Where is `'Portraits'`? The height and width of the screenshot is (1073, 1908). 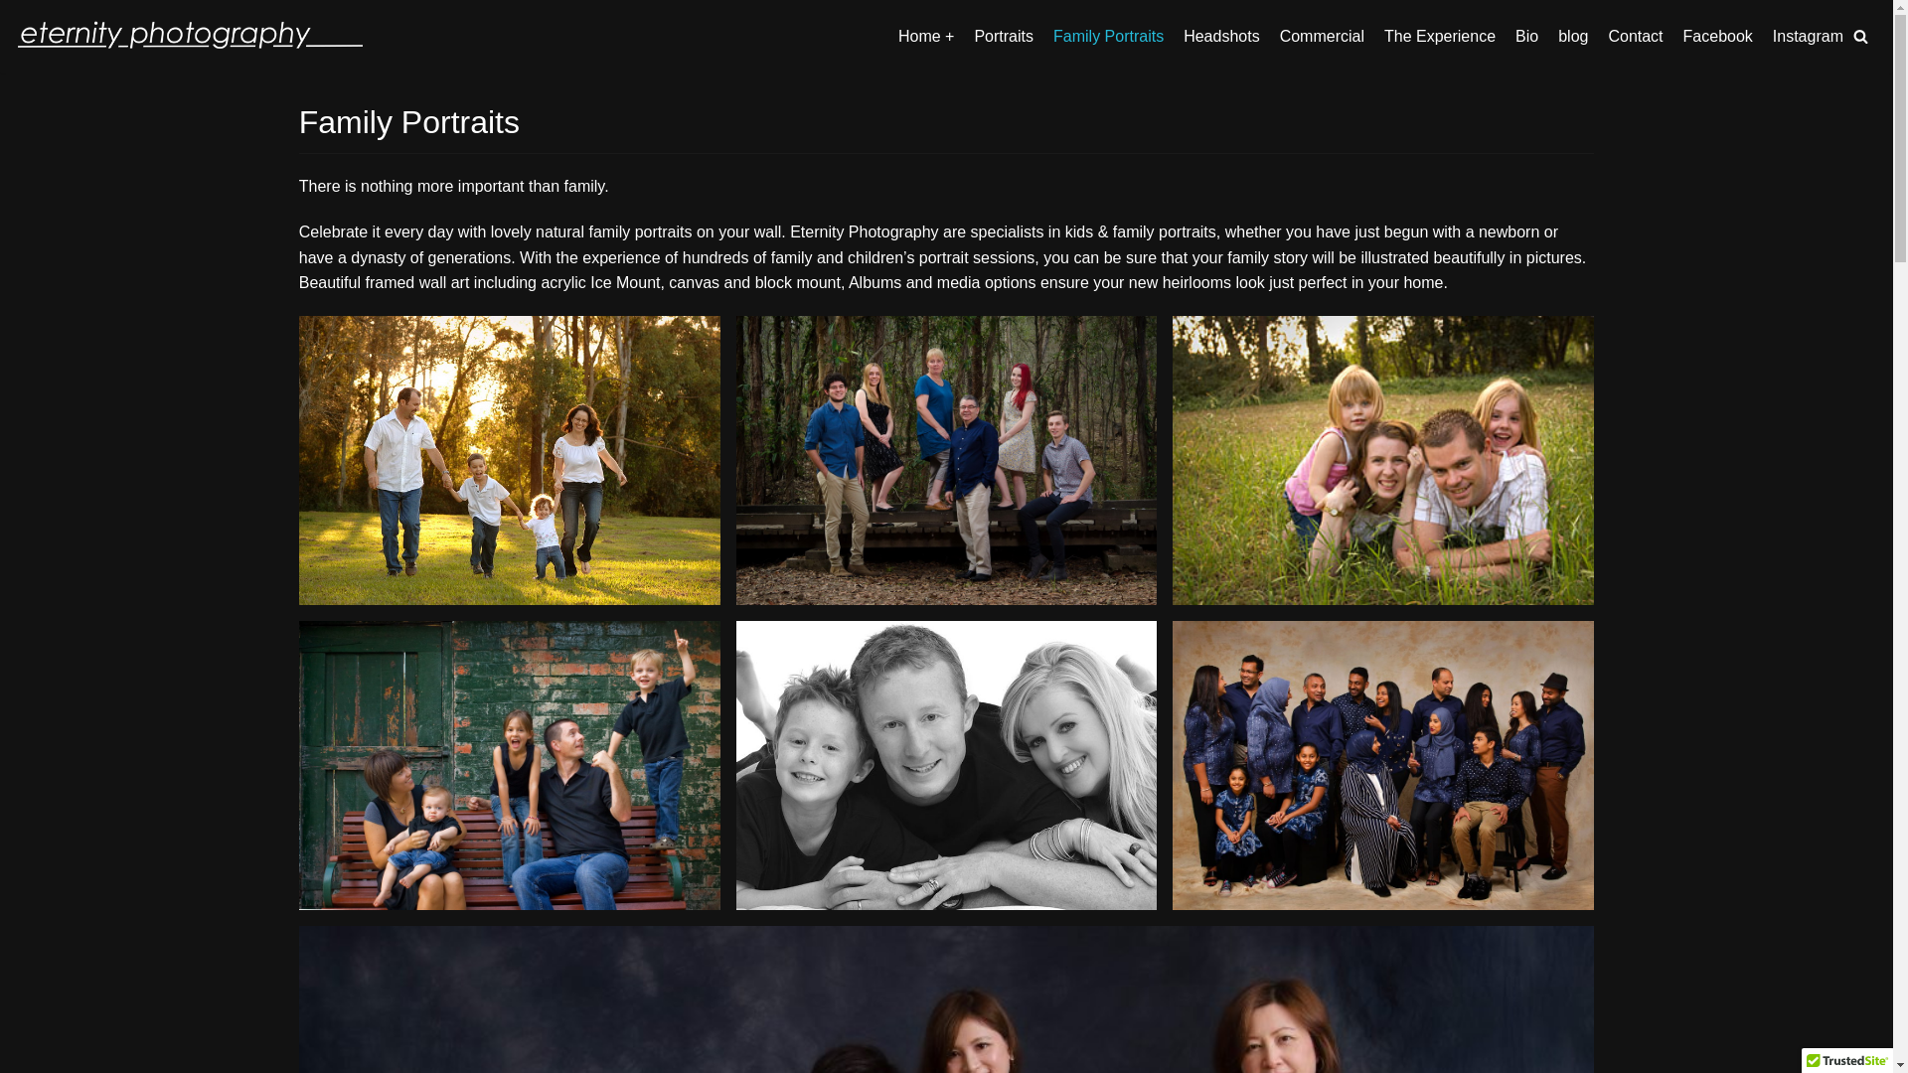 'Portraits' is located at coordinates (1003, 37).